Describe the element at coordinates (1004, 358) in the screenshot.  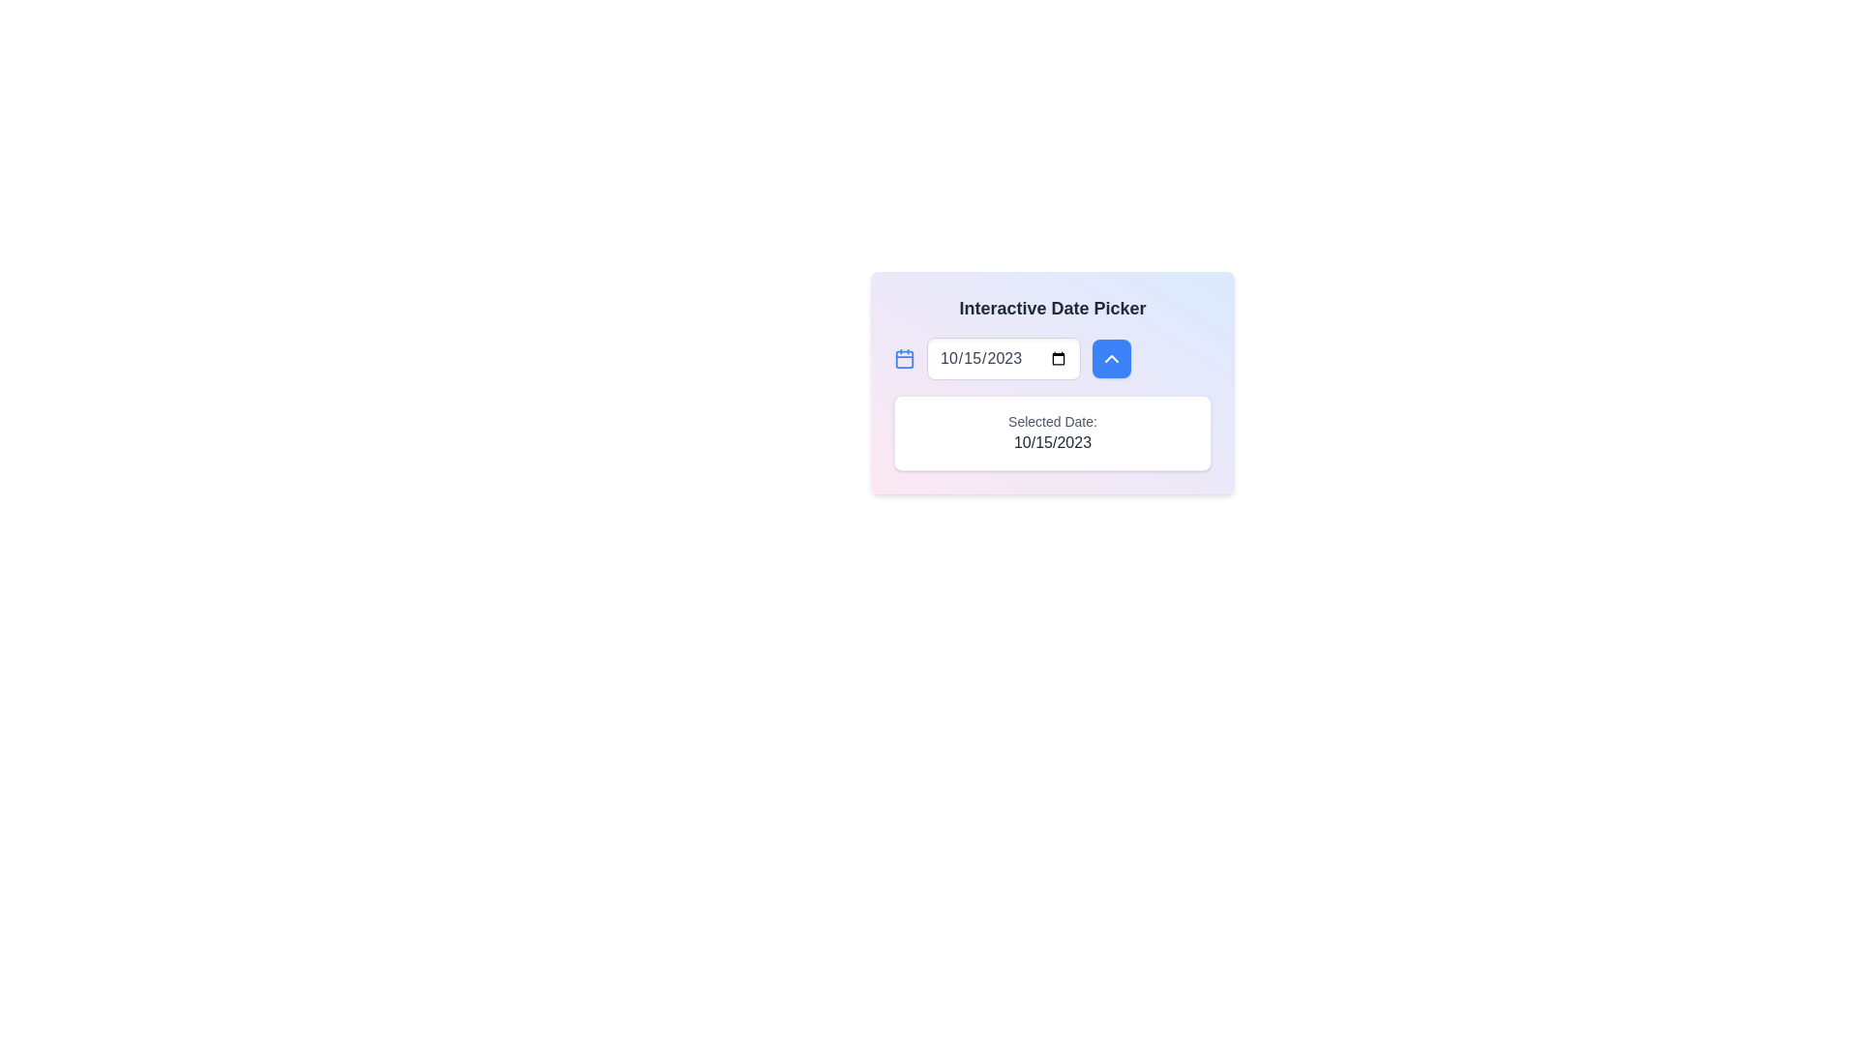
I see `the date picker input field to focus on it, which is a lightly rounded rectangle with a pale gray border and white background, centrally positioned between a calendar icon and an up-arrow button` at that location.